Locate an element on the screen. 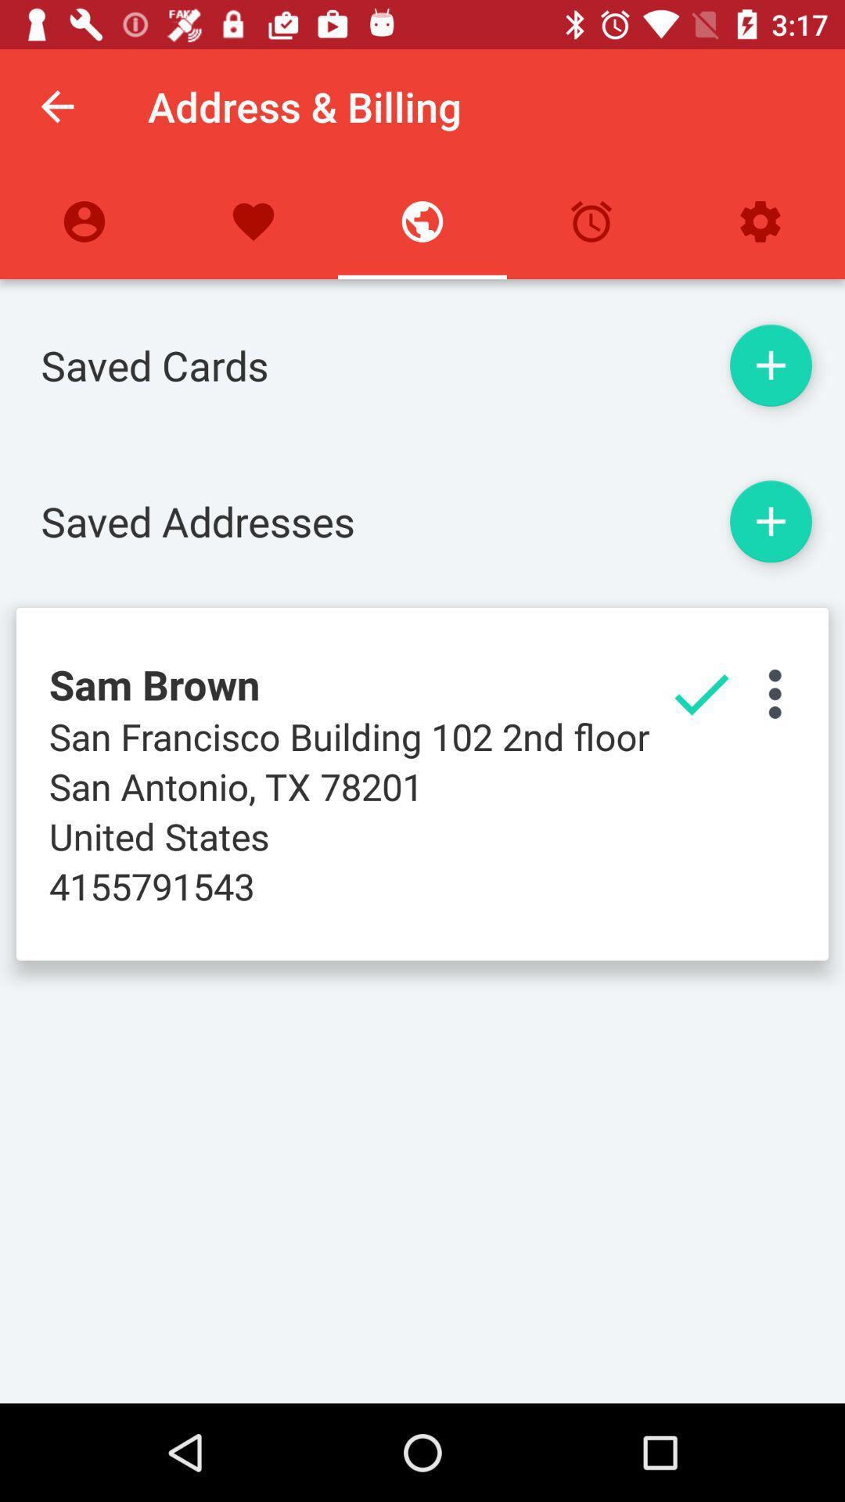 Image resolution: width=845 pixels, height=1502 pixels. new card is located at coordinates (770, 365).